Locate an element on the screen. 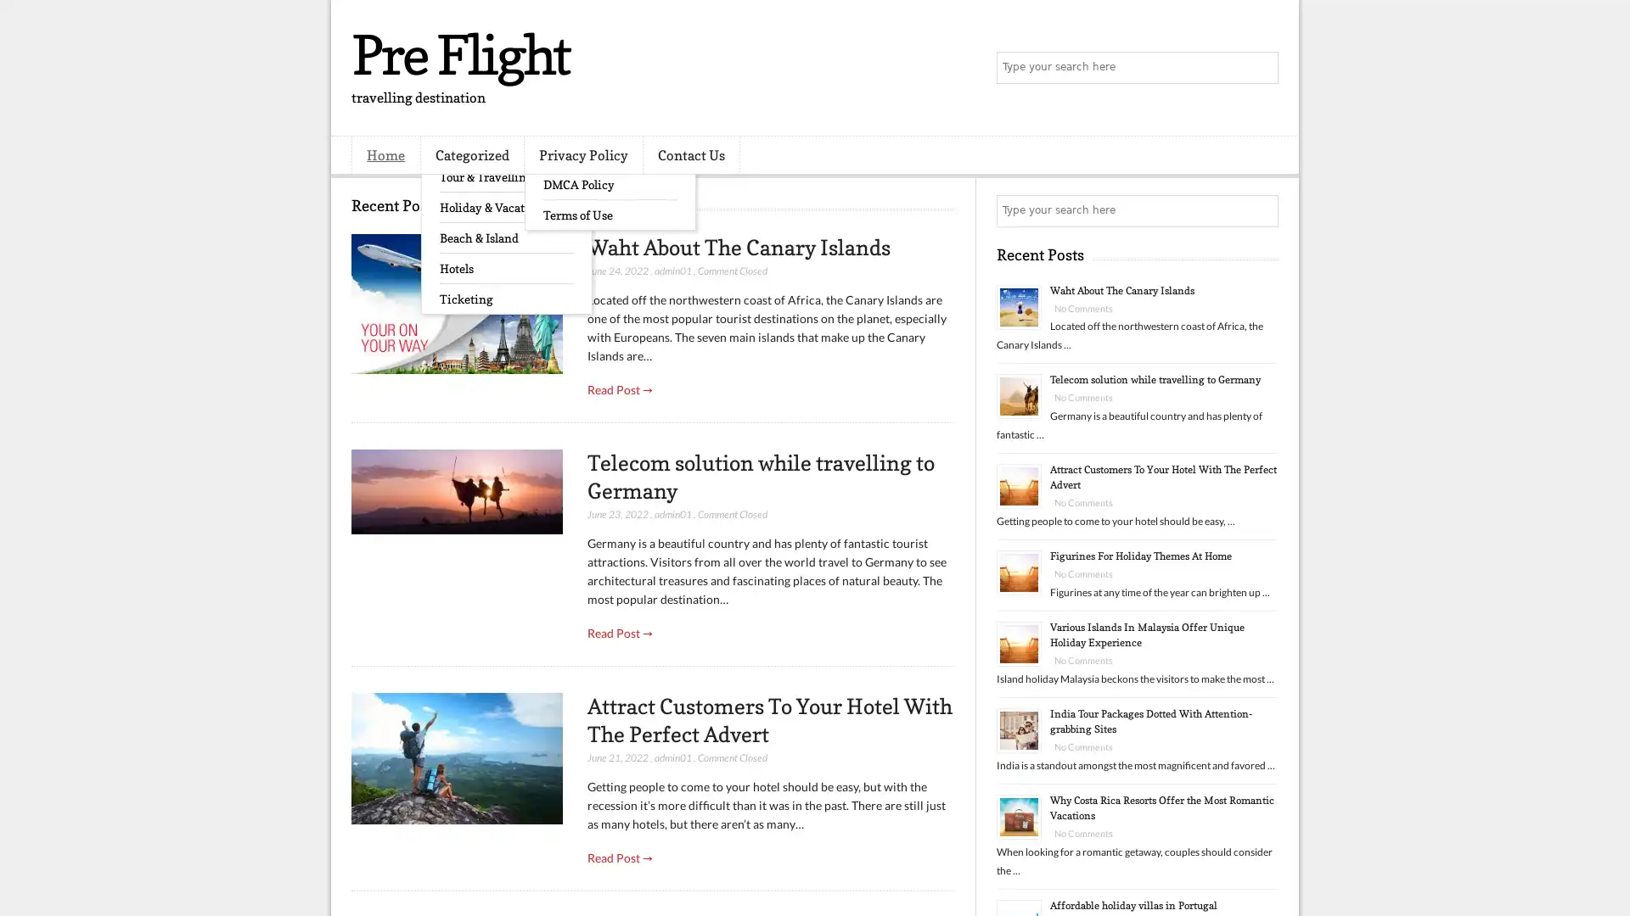 The width and height of the screenshot is (1630, 916). Search is located at coordinates (1261, 68).